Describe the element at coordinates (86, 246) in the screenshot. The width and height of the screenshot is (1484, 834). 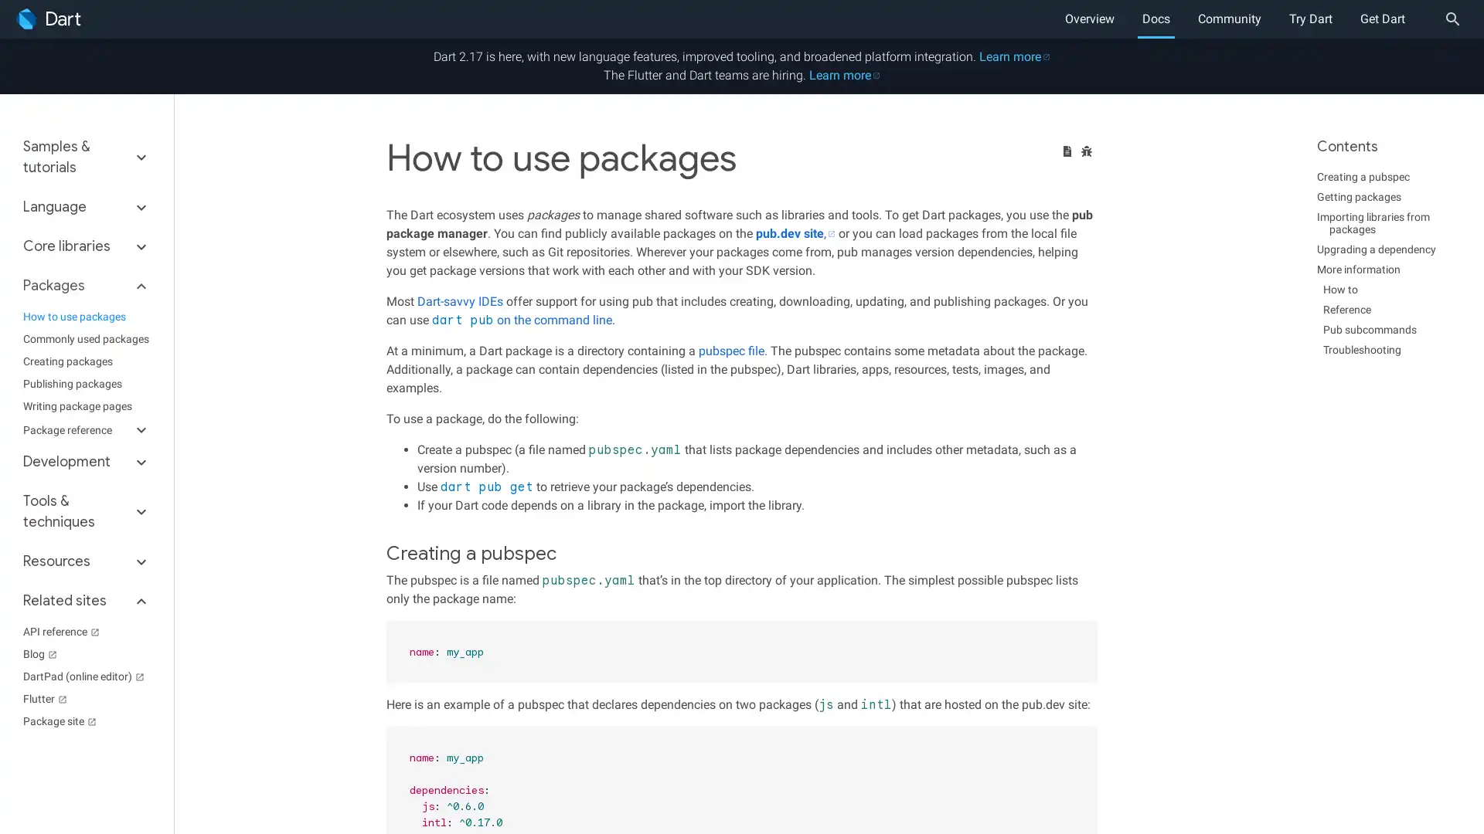
I see `Core libraries keyboard_arrow_down` at that location.